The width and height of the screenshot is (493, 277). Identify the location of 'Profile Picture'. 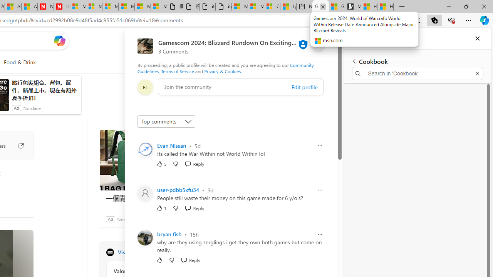
(145, 237).